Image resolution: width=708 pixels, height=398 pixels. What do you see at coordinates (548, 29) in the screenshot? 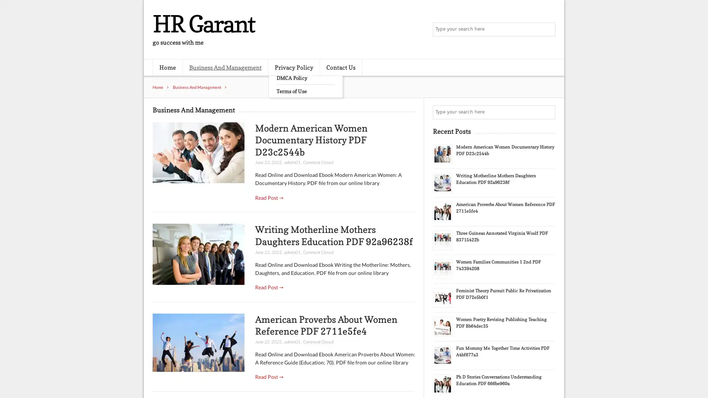
I see `Search` at bounding box center [548, 29].